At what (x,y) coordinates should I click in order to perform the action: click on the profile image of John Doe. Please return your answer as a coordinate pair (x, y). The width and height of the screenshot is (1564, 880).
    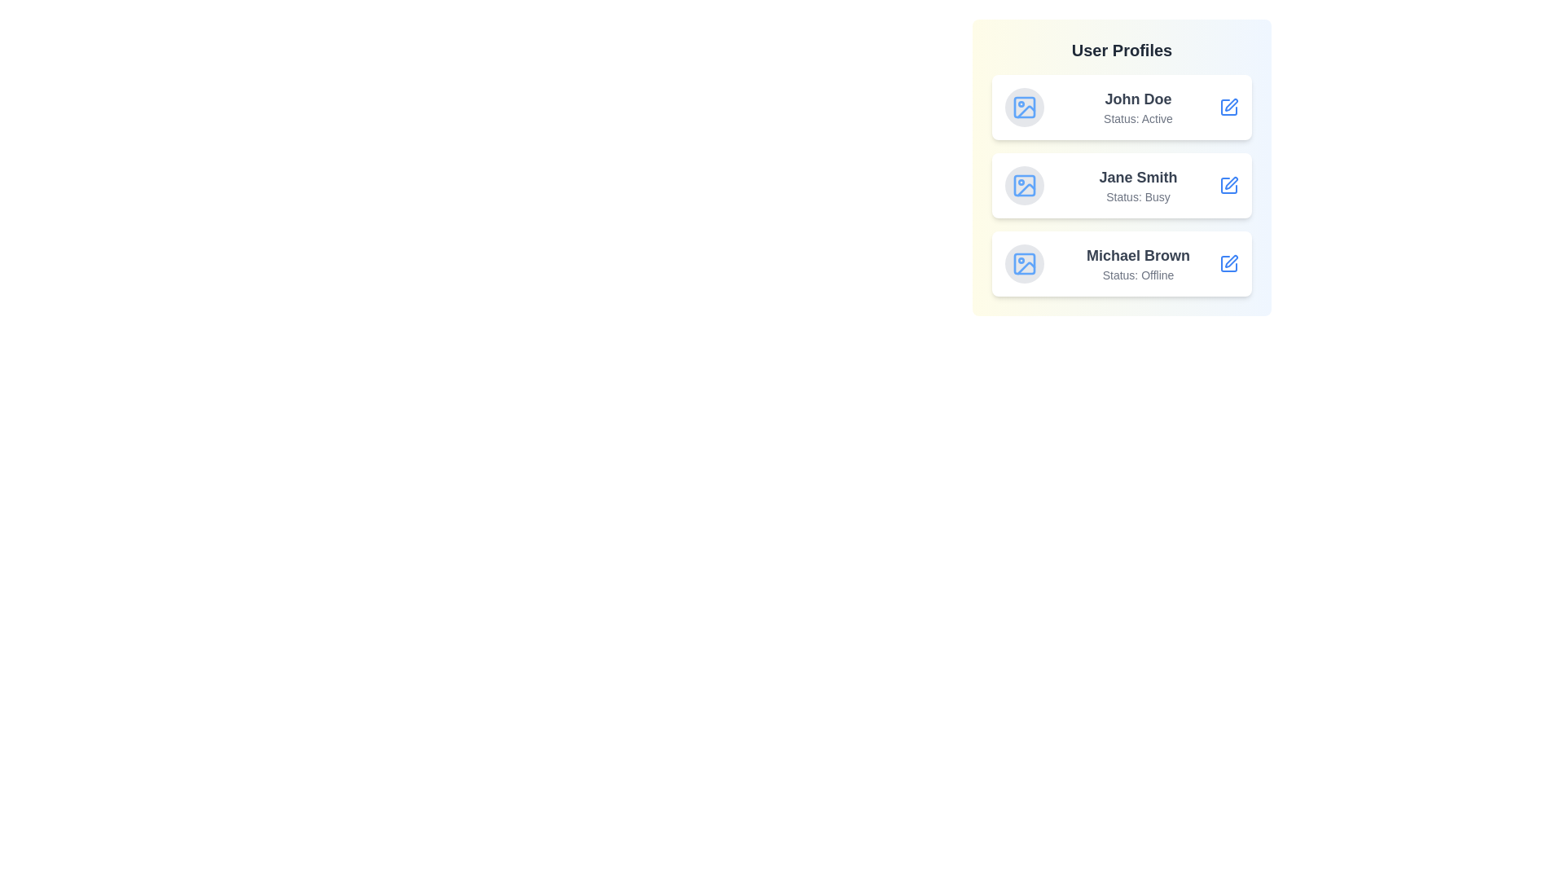
    Looking at the image, I should click on (1023, 107).